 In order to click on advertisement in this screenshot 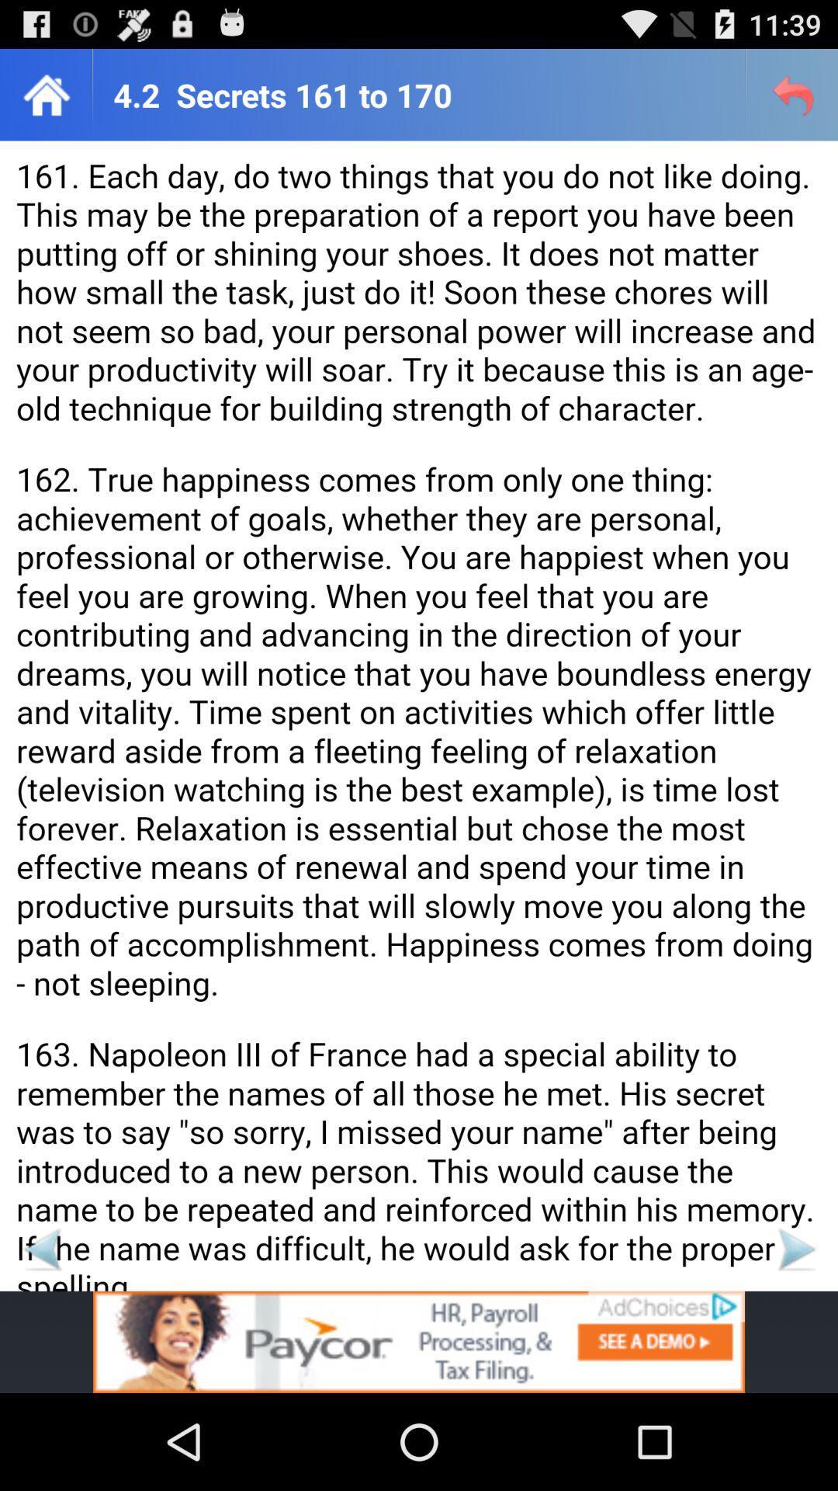, I will do `click(41, 1249)`.